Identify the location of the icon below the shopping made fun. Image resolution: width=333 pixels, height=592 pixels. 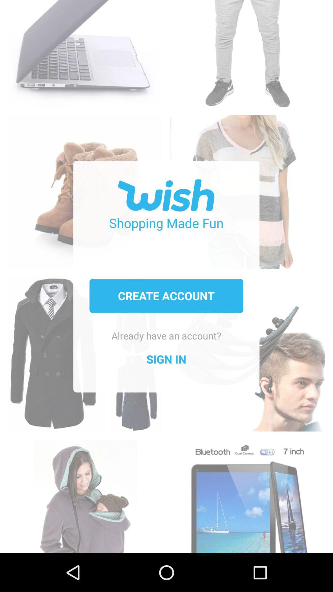
(166, 295).